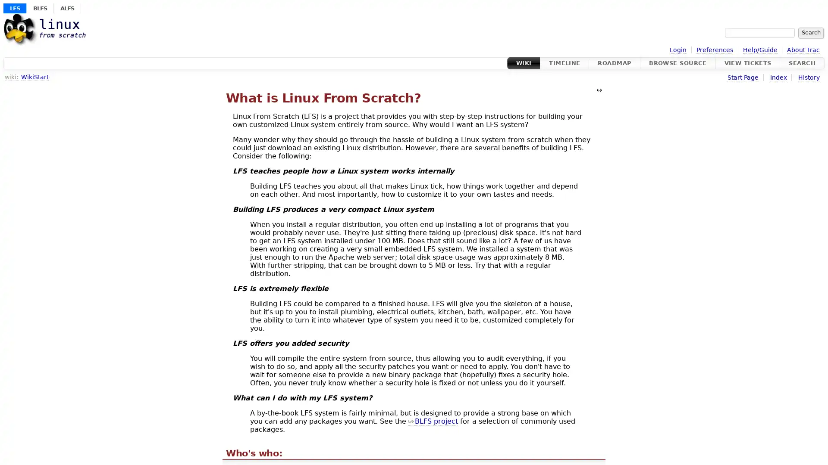 Image resolution: width=828 pixels, height=465 pixels. Describe the element at coordinates (810, 32) in the screenshot. I see `Search` at that location.